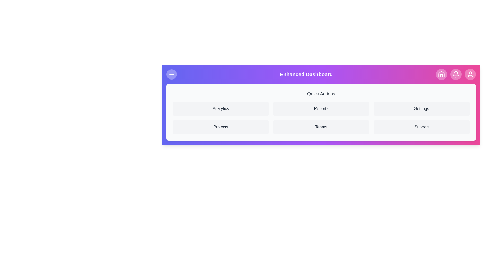 The image size is (494, 277). Describe the element at coordinates (421, 127) in the screenshot. I see `the 'Support' option in the Quick Actions section` at that location.